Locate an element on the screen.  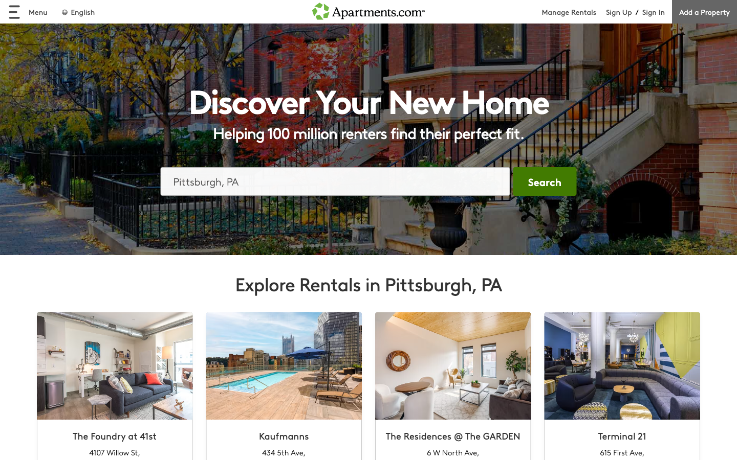
Shift to manage rentals interface is located at coordinates (573, 11).